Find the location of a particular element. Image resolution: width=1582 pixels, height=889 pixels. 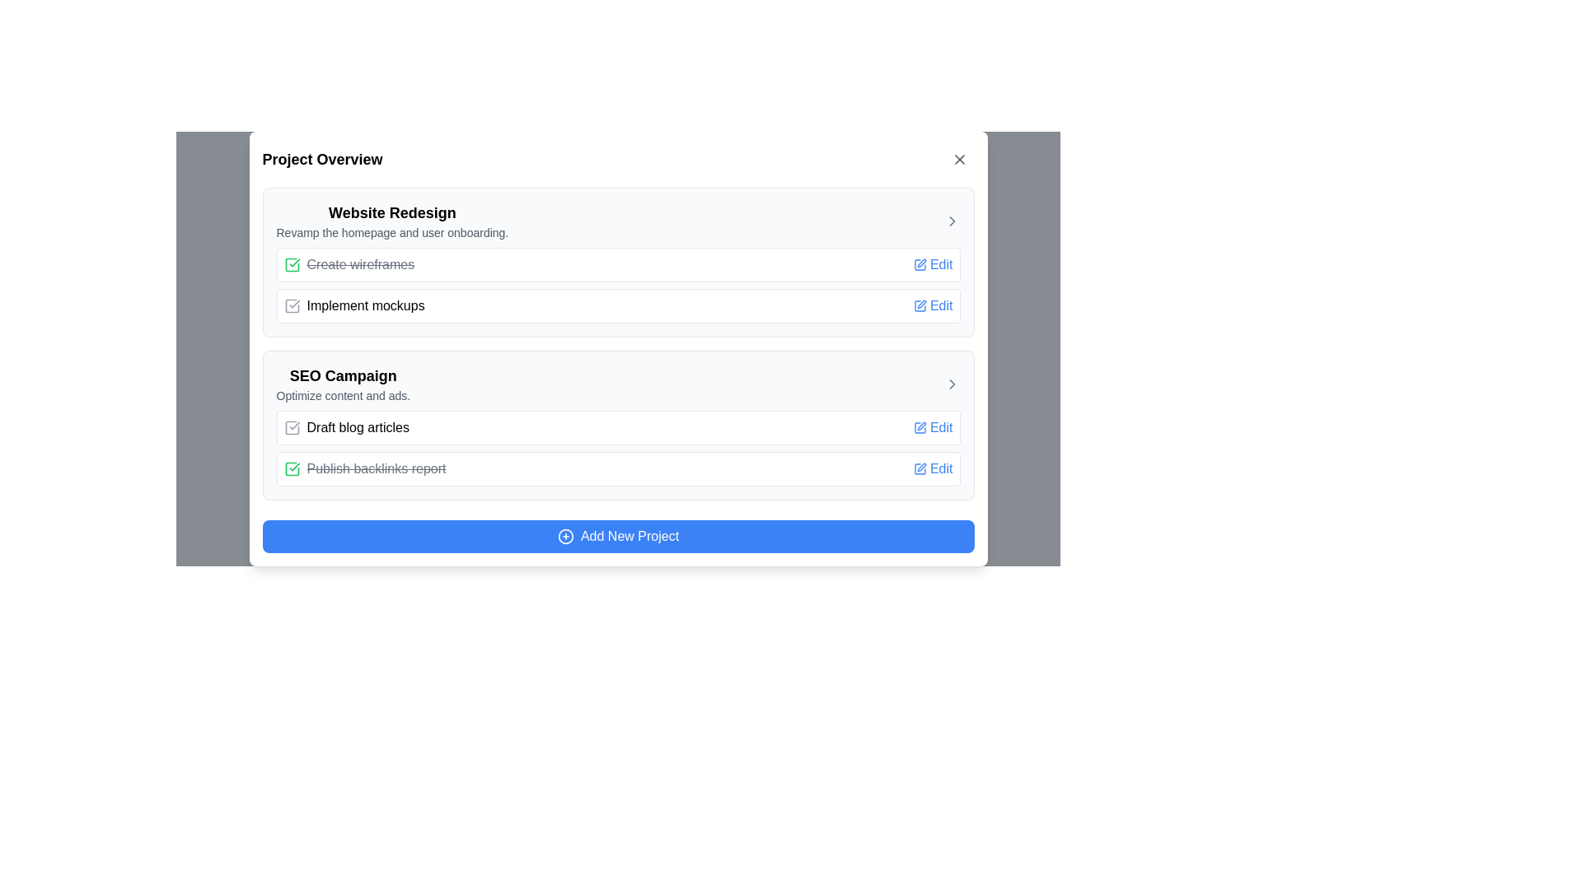

the box-like icon with a pen overlay located to the left of the 'Edit' text in the third section of the scrollable list for the task 'Publish backlinks report' under the 'SEO Campaign' category to initiate an edit action is located at coordinates (919, 427).